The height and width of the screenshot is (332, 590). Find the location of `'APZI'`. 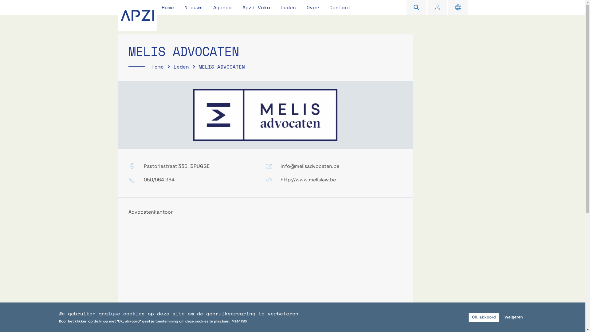

'APZI' is located at coordinates (137, 15).